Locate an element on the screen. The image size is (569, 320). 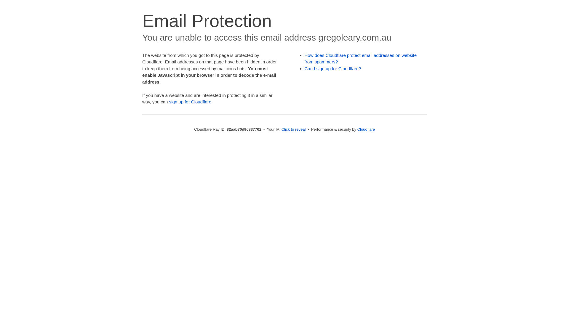
'sign up for Cloudflare' is located at coordinates (169, 101).